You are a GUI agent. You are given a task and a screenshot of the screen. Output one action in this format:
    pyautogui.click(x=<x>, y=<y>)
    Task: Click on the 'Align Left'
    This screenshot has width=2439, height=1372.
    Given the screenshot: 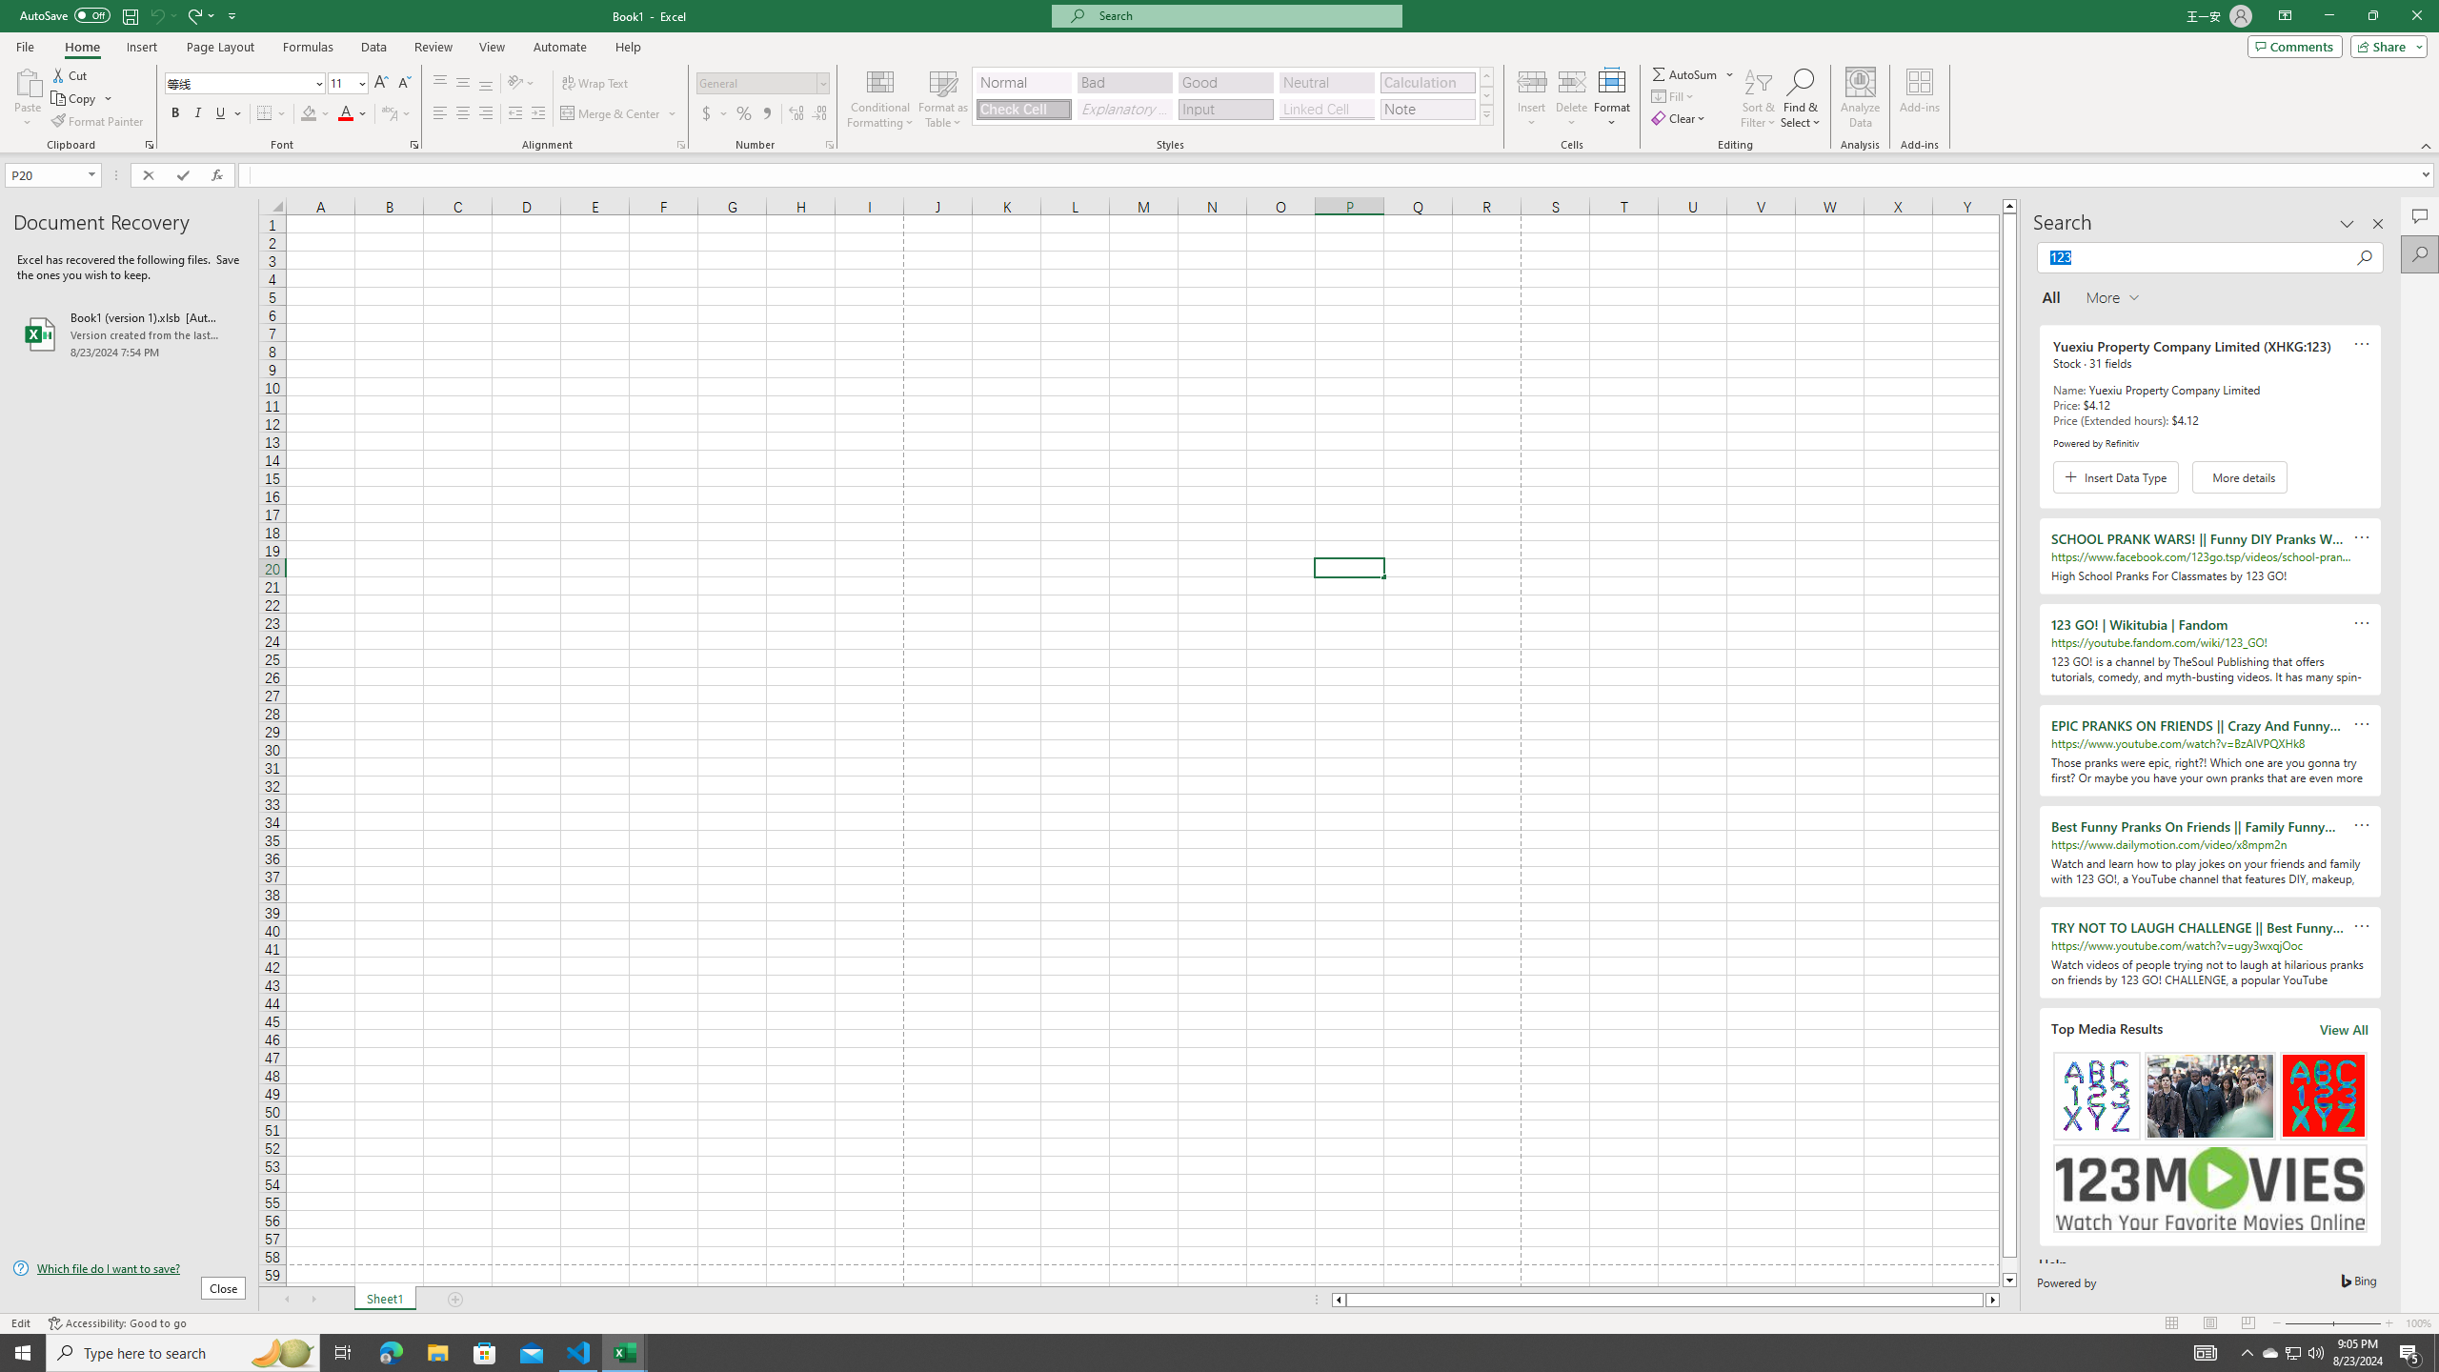 What is the action you would take?
    pyautogui.click(x=439, y=112)
    